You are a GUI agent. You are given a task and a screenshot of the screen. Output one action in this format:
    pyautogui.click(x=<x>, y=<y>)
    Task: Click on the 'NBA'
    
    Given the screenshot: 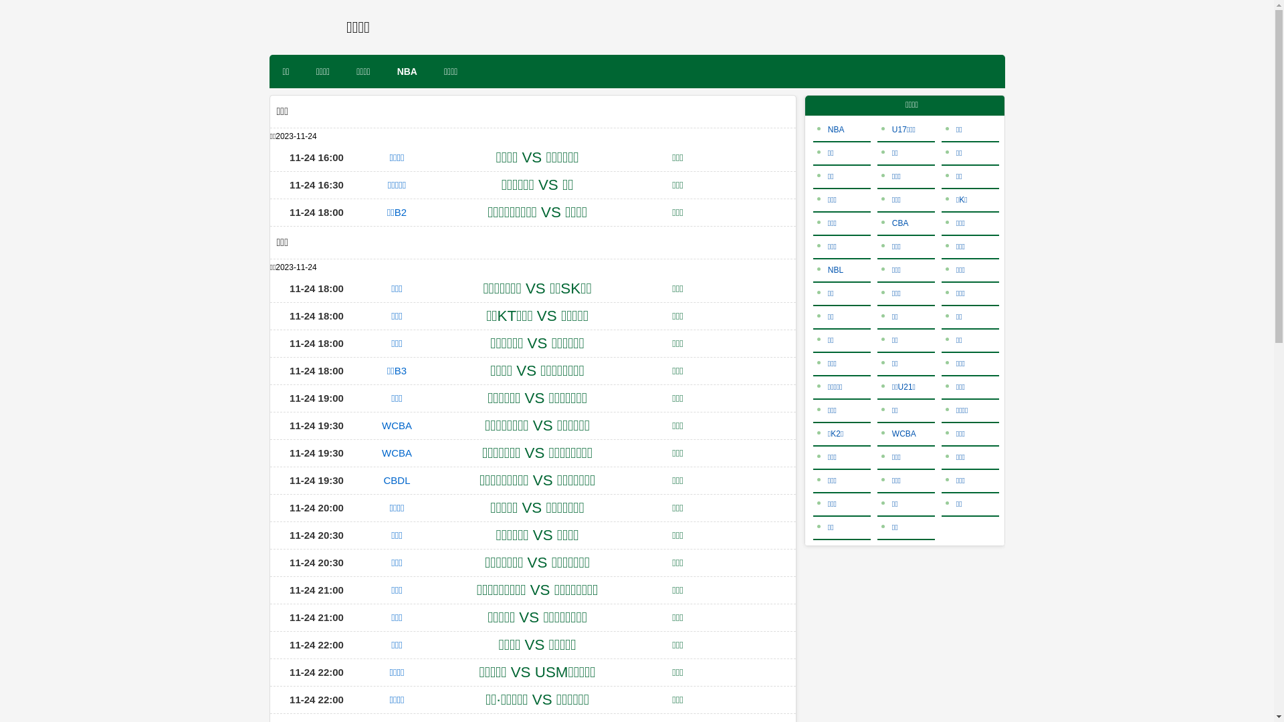 What is the action you would take?
    pyautogui.click(x=830, y=129)
    